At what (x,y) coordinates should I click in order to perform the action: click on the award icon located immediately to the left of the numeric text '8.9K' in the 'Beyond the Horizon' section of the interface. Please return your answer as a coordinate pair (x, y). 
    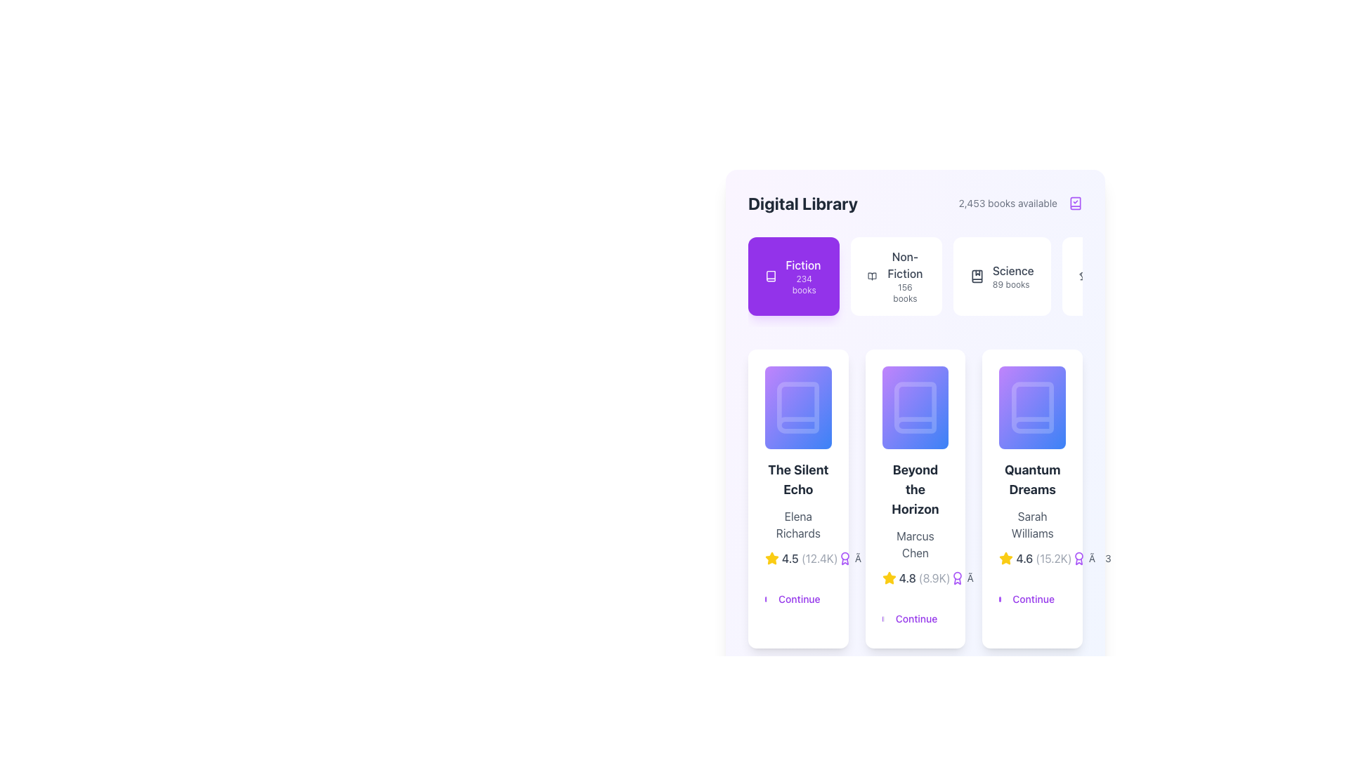
    Looking at the image, I should click on (956, 578).